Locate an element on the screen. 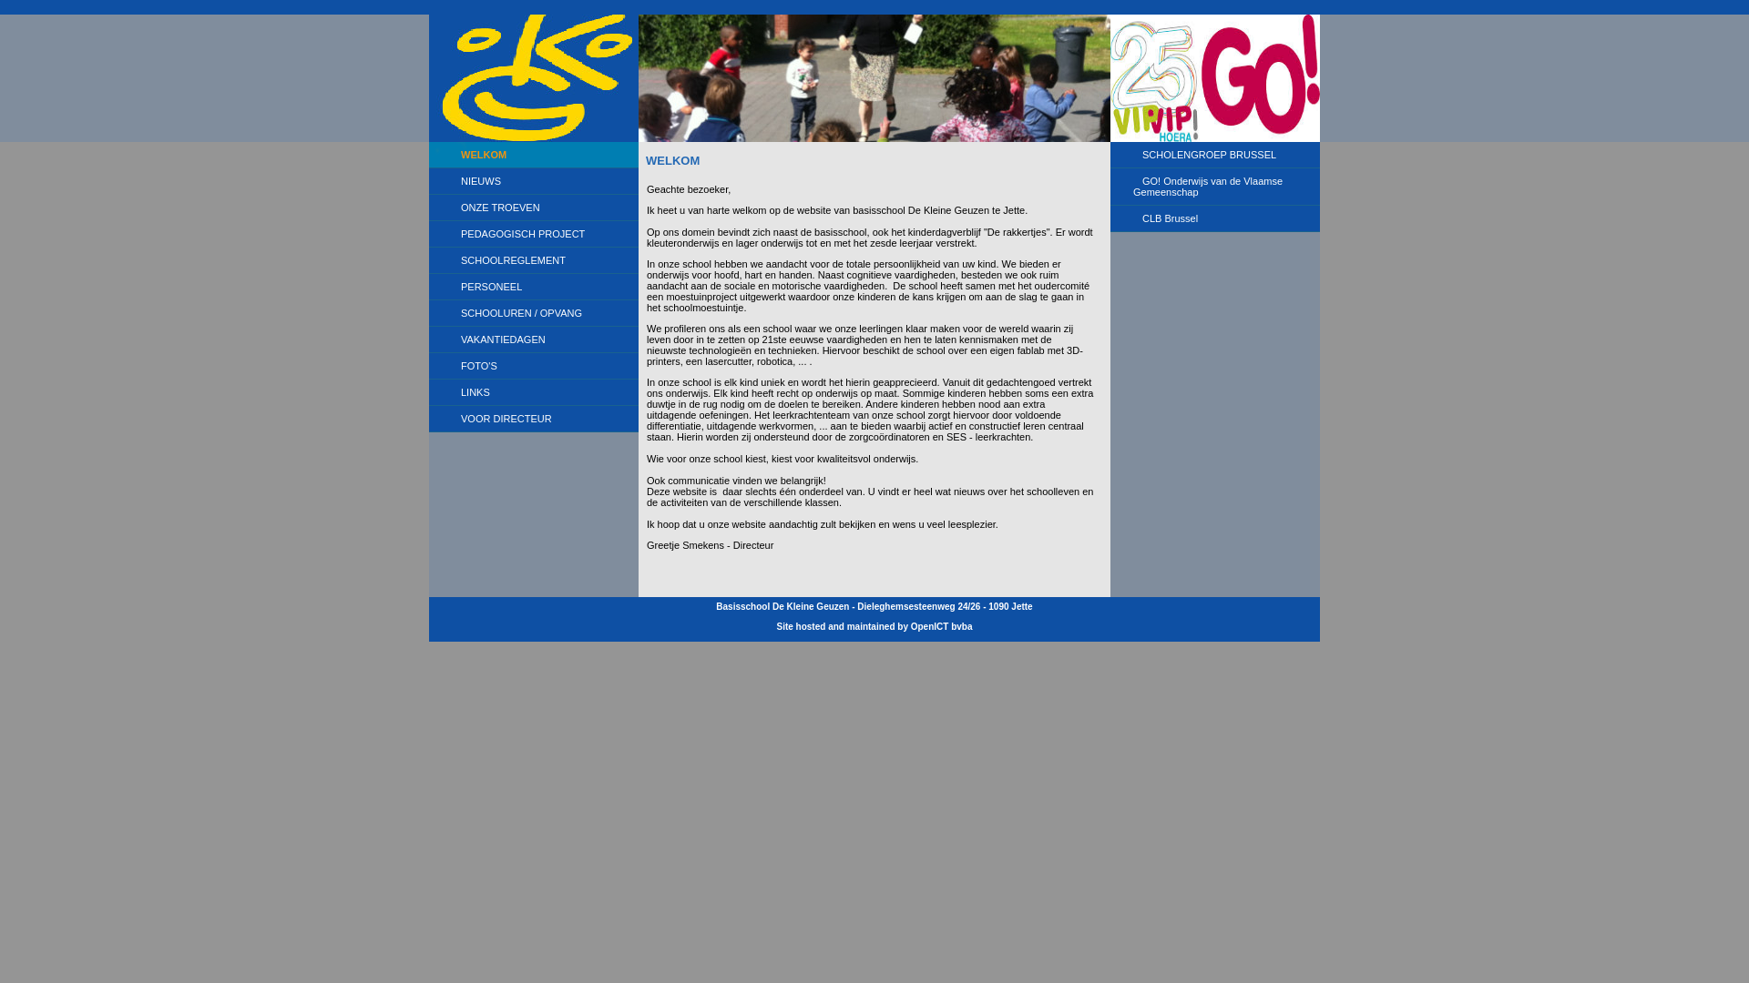 The width and height of the screenshot is (1749, 983). 'VAKANTIEDAGEN' is located at coordinates (532, 339).